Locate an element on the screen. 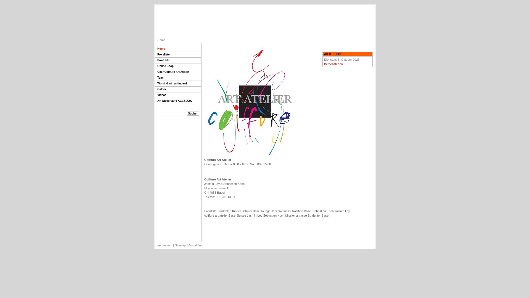 This screenshot has height=298, width=530. 'Team' is located at coordinates (178, 78).